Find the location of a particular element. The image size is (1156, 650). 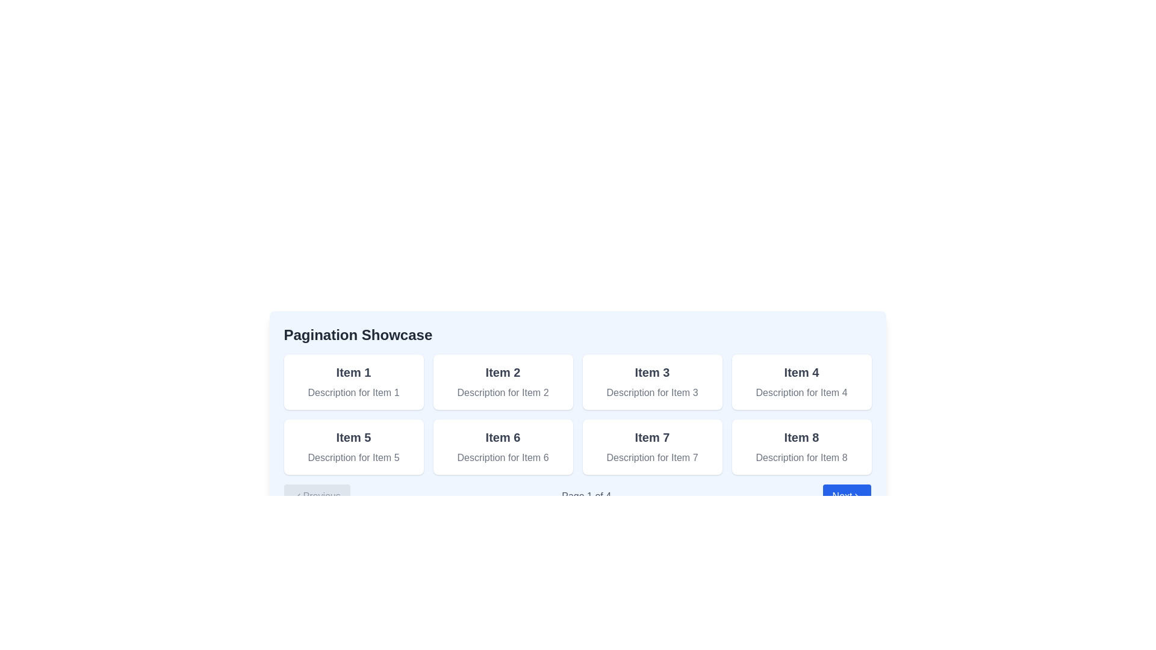

the text label displaying 'Description for Item 4', located beneath the title 'Item 4' in the fourth card of an 8-item grid layout is located at coordinates (801, 392).